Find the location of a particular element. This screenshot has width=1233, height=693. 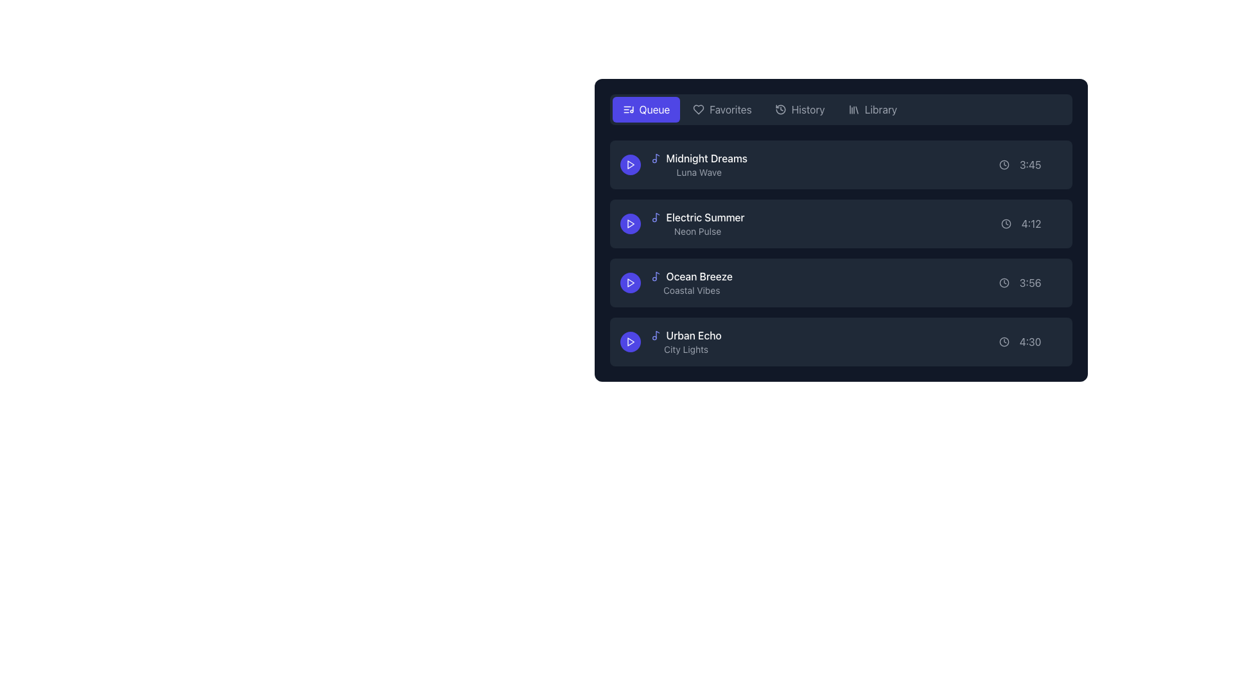

the 'Library' button with icon and label located in the horizontal menu bar is located at coordinates (872, 108).